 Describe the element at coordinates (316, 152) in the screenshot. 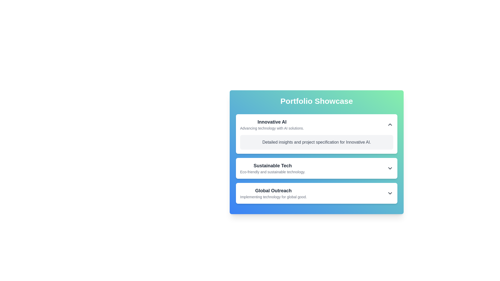

I see `the dropdown icon of the 'Innovative AI' card within the 'Portfolio Showcase' section to toggle the information display` at that location.